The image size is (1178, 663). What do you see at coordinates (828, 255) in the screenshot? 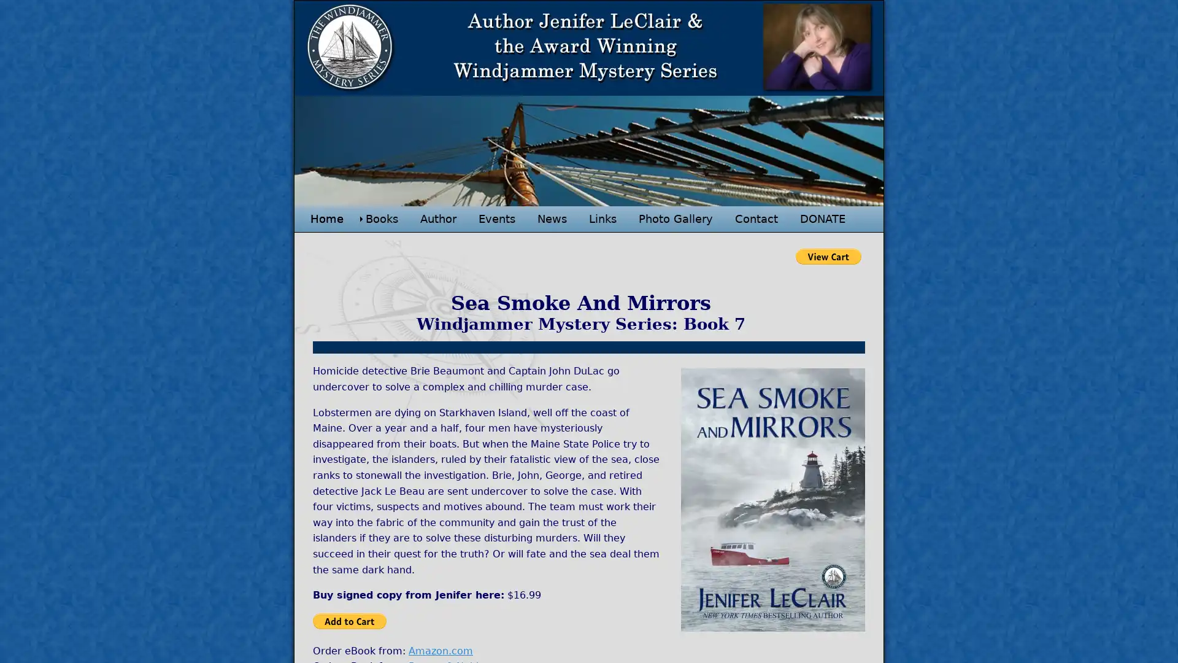
I see `PayPal - The safer, easier way to pay online!` at bounding box center [828, 255].